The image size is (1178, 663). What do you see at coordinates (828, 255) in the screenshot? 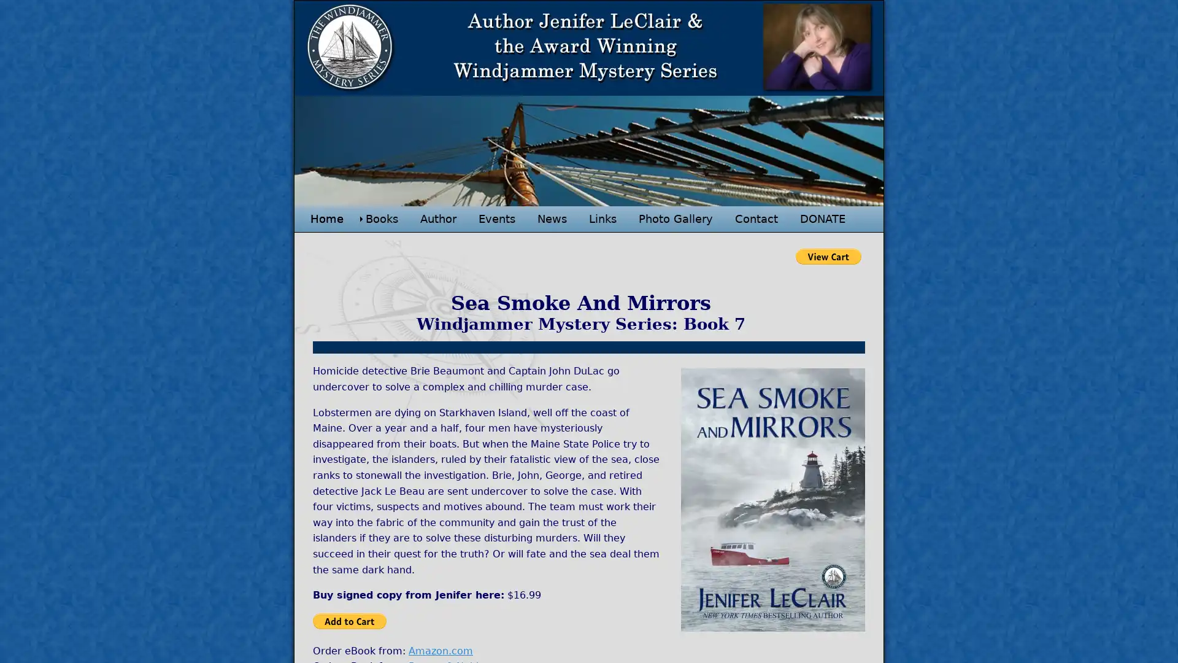
I see `PayPal - The safer, easier way to pay online!` at bounding box center [828, 255].